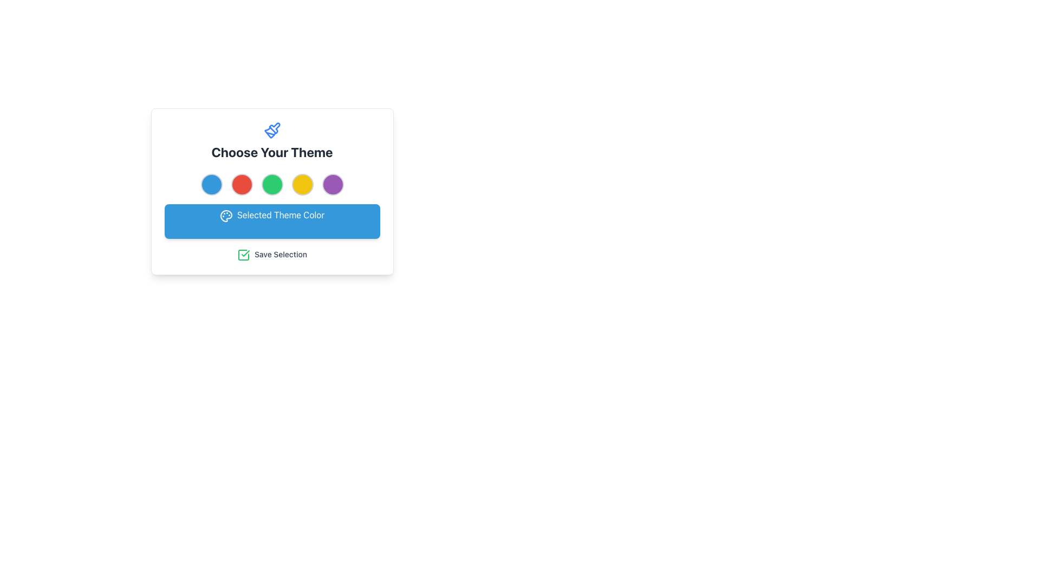 Image resolution: width=1040 pixels, height=585 pixels. What do you see at coordinates (302, 184) in the screenshot?
I see `the fourth circular button for selecting the yellow theme color in the theme selection module, located between the green and purple elements` at bounding box center [302, 184].